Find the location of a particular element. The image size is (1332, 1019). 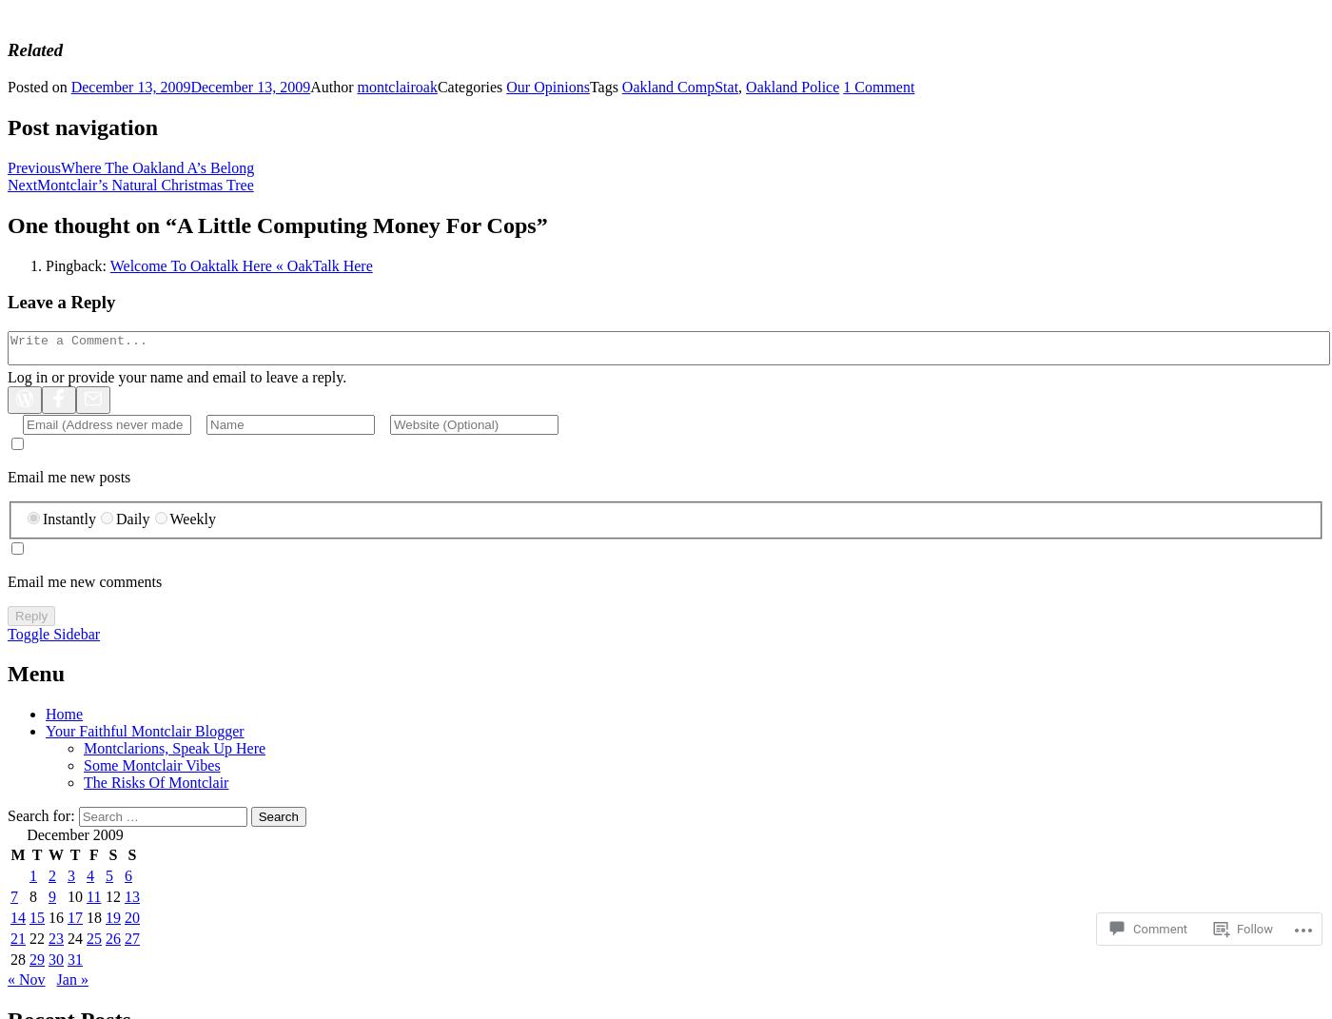

'25' is located at coordinates (93, 937).